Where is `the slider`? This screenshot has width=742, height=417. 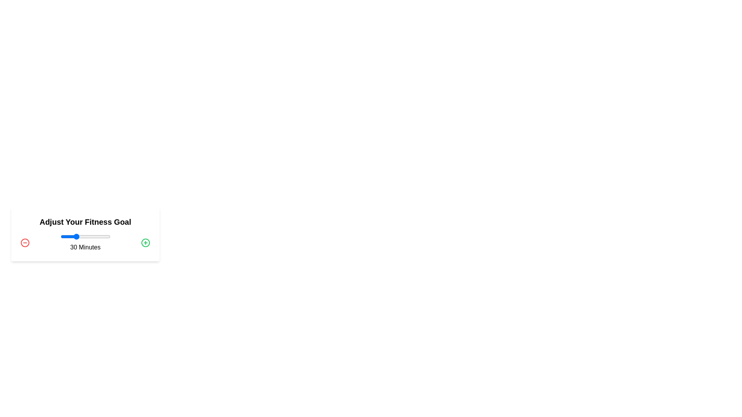 the slider is located at coordinates (98, 236).